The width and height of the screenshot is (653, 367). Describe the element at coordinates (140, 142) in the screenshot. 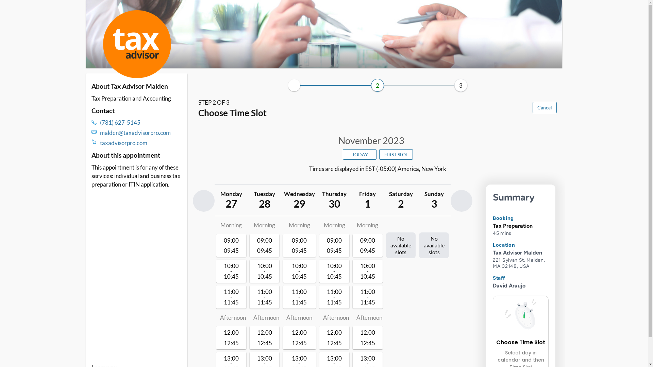

I see `'taxadvisorpro.com'` at that location.